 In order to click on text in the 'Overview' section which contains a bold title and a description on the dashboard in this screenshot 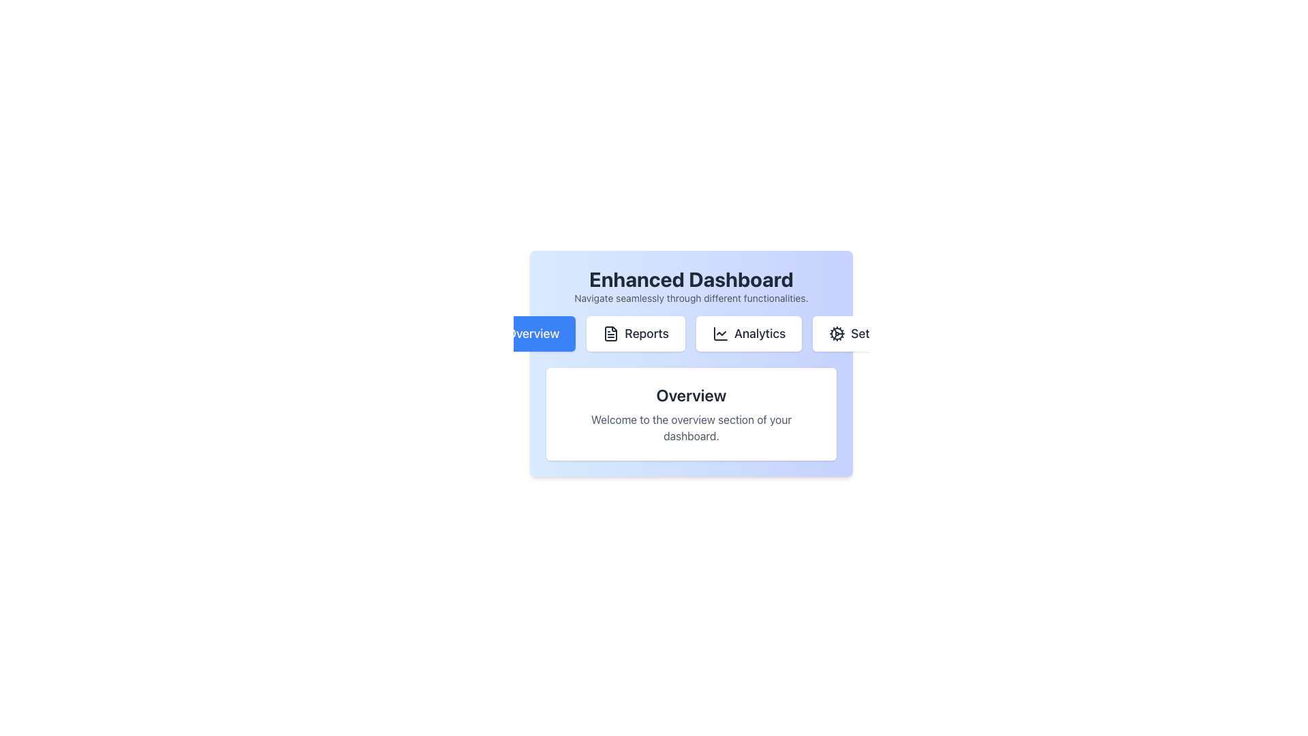, I will do `click(691, 414)`.